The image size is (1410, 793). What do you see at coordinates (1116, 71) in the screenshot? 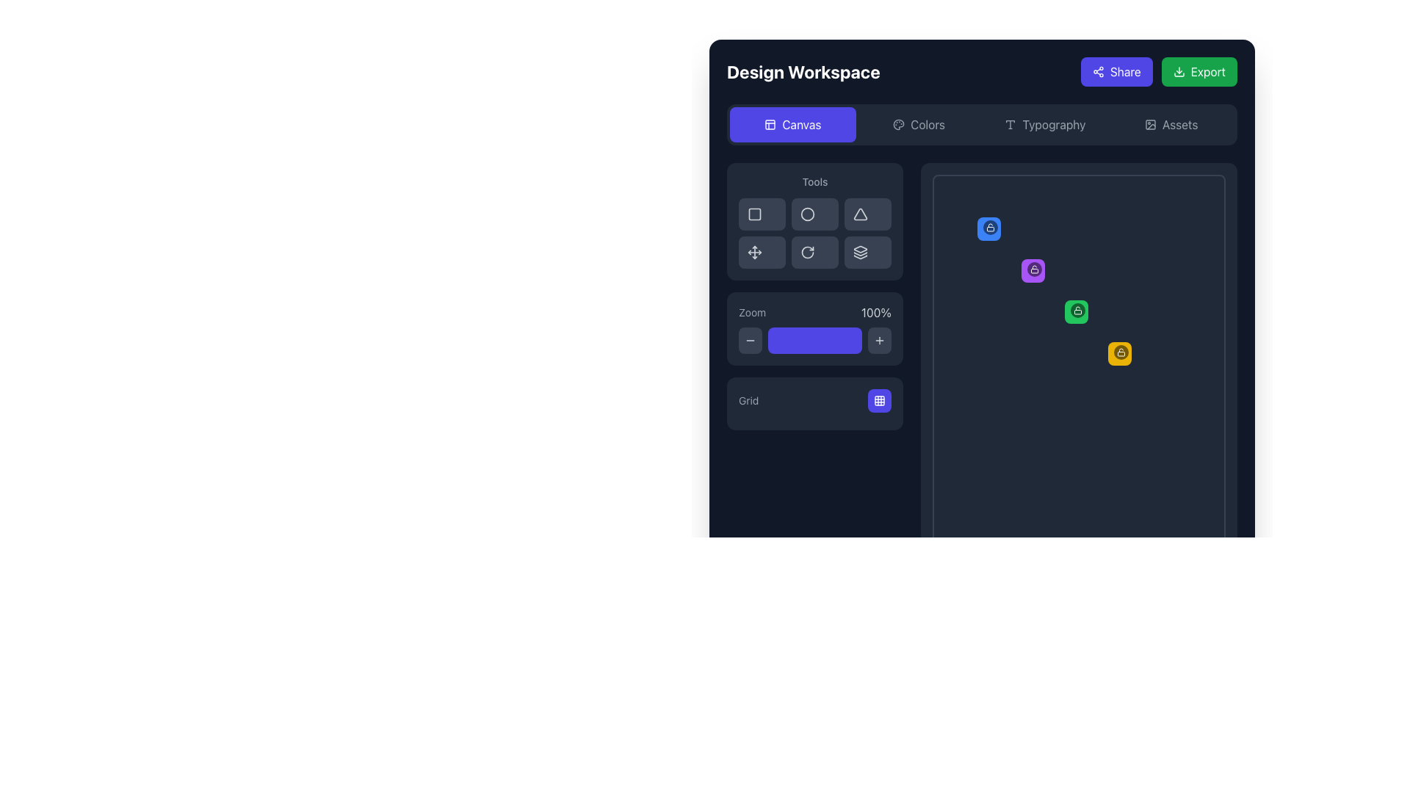
I see `the purple 'Share' button located at the top-right corner of the interface, adjacent to the green 'Export' button, to share content` at bounding box center [1116, 71].